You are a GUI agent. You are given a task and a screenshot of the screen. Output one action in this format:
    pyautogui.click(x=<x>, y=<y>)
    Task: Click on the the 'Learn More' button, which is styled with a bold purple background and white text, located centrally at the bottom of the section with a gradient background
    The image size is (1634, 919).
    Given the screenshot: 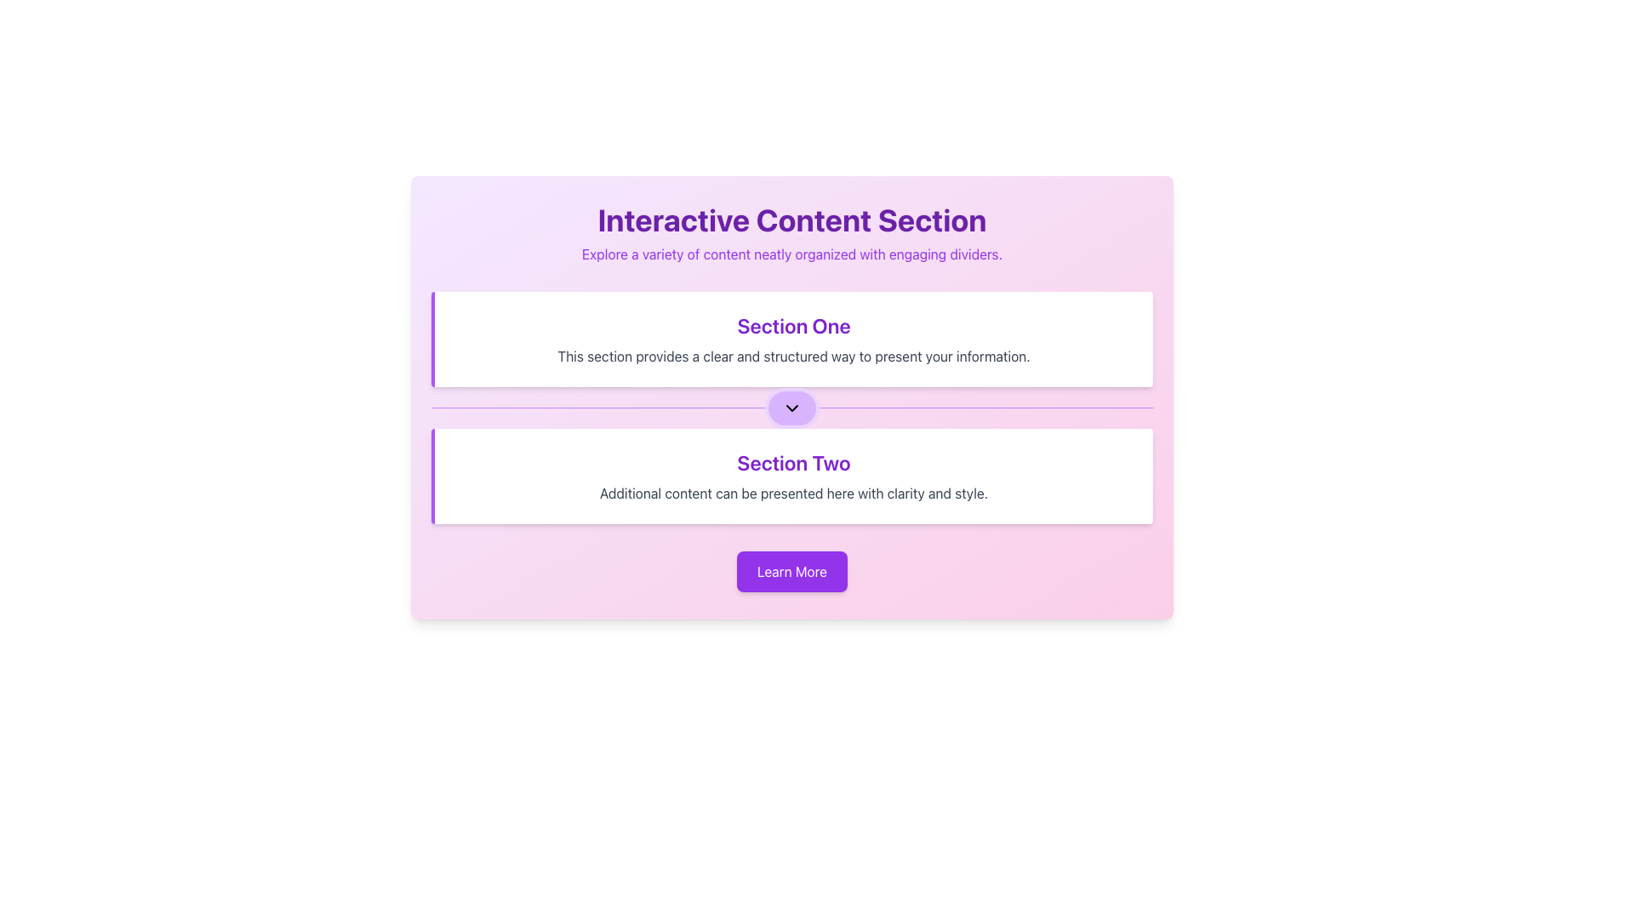 What is the action you would take?
    pyautogui.click(x=791, y=571)
    